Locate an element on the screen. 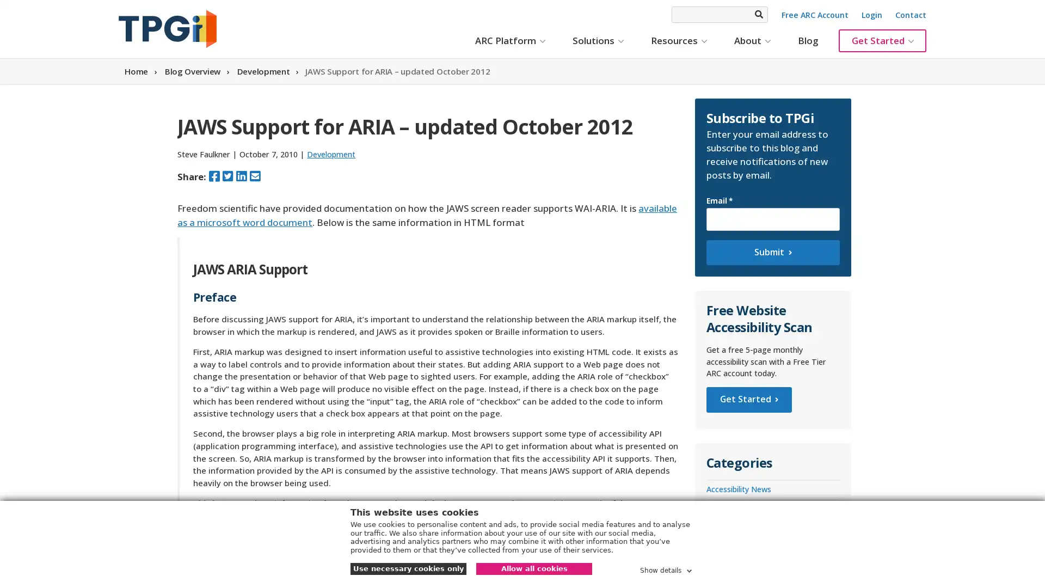 The height and width of the screenshot is (588, 1045). Submit is located at coordinates (772, 252).